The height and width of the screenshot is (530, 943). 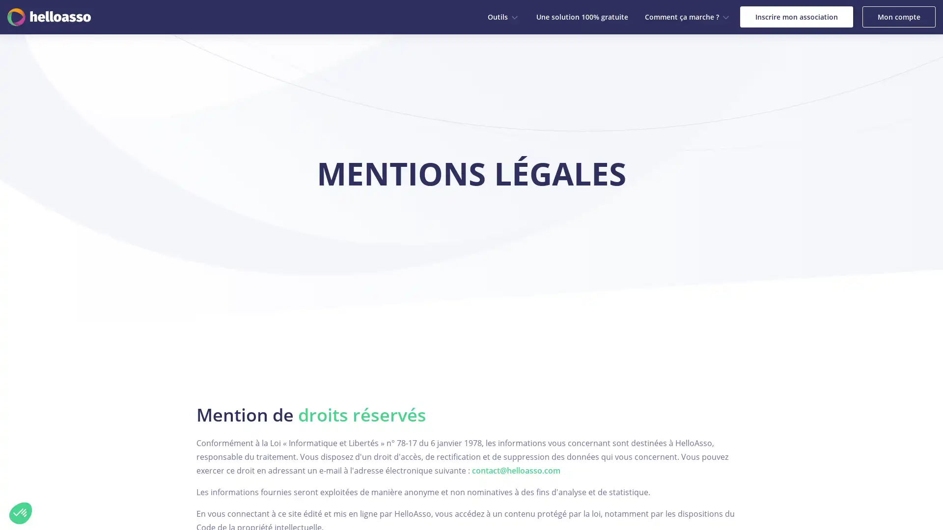 I want to click on Parametrer, so click(x=113, y=480).